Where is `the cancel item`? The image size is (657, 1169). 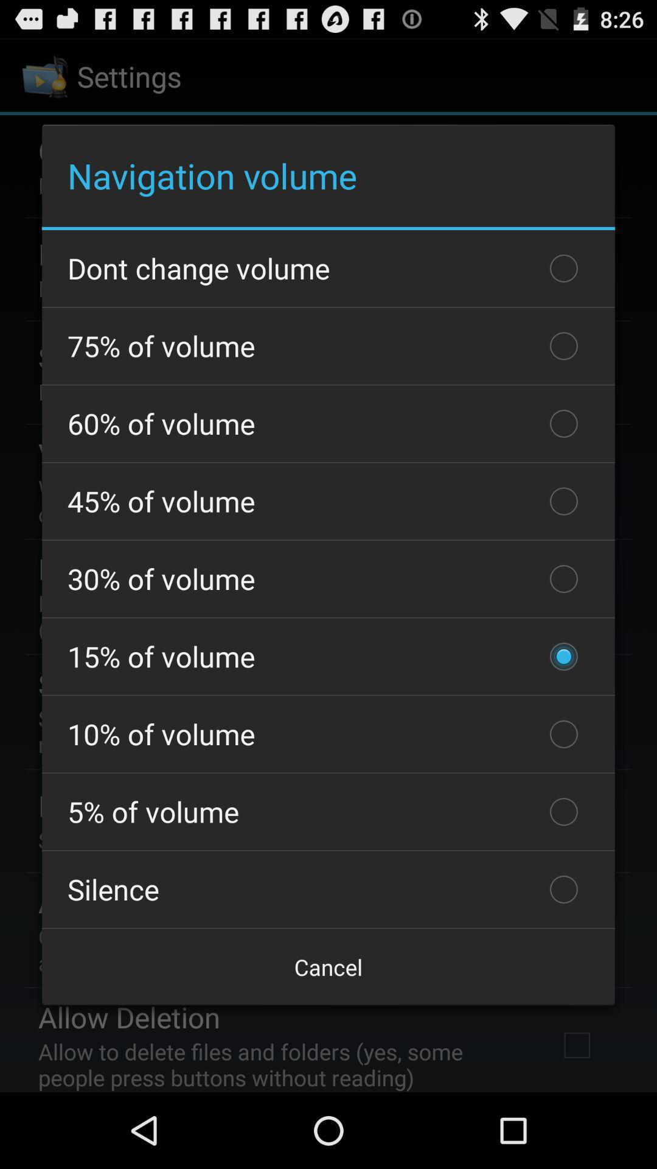 the cancel item is located at coordinates (328, 966).